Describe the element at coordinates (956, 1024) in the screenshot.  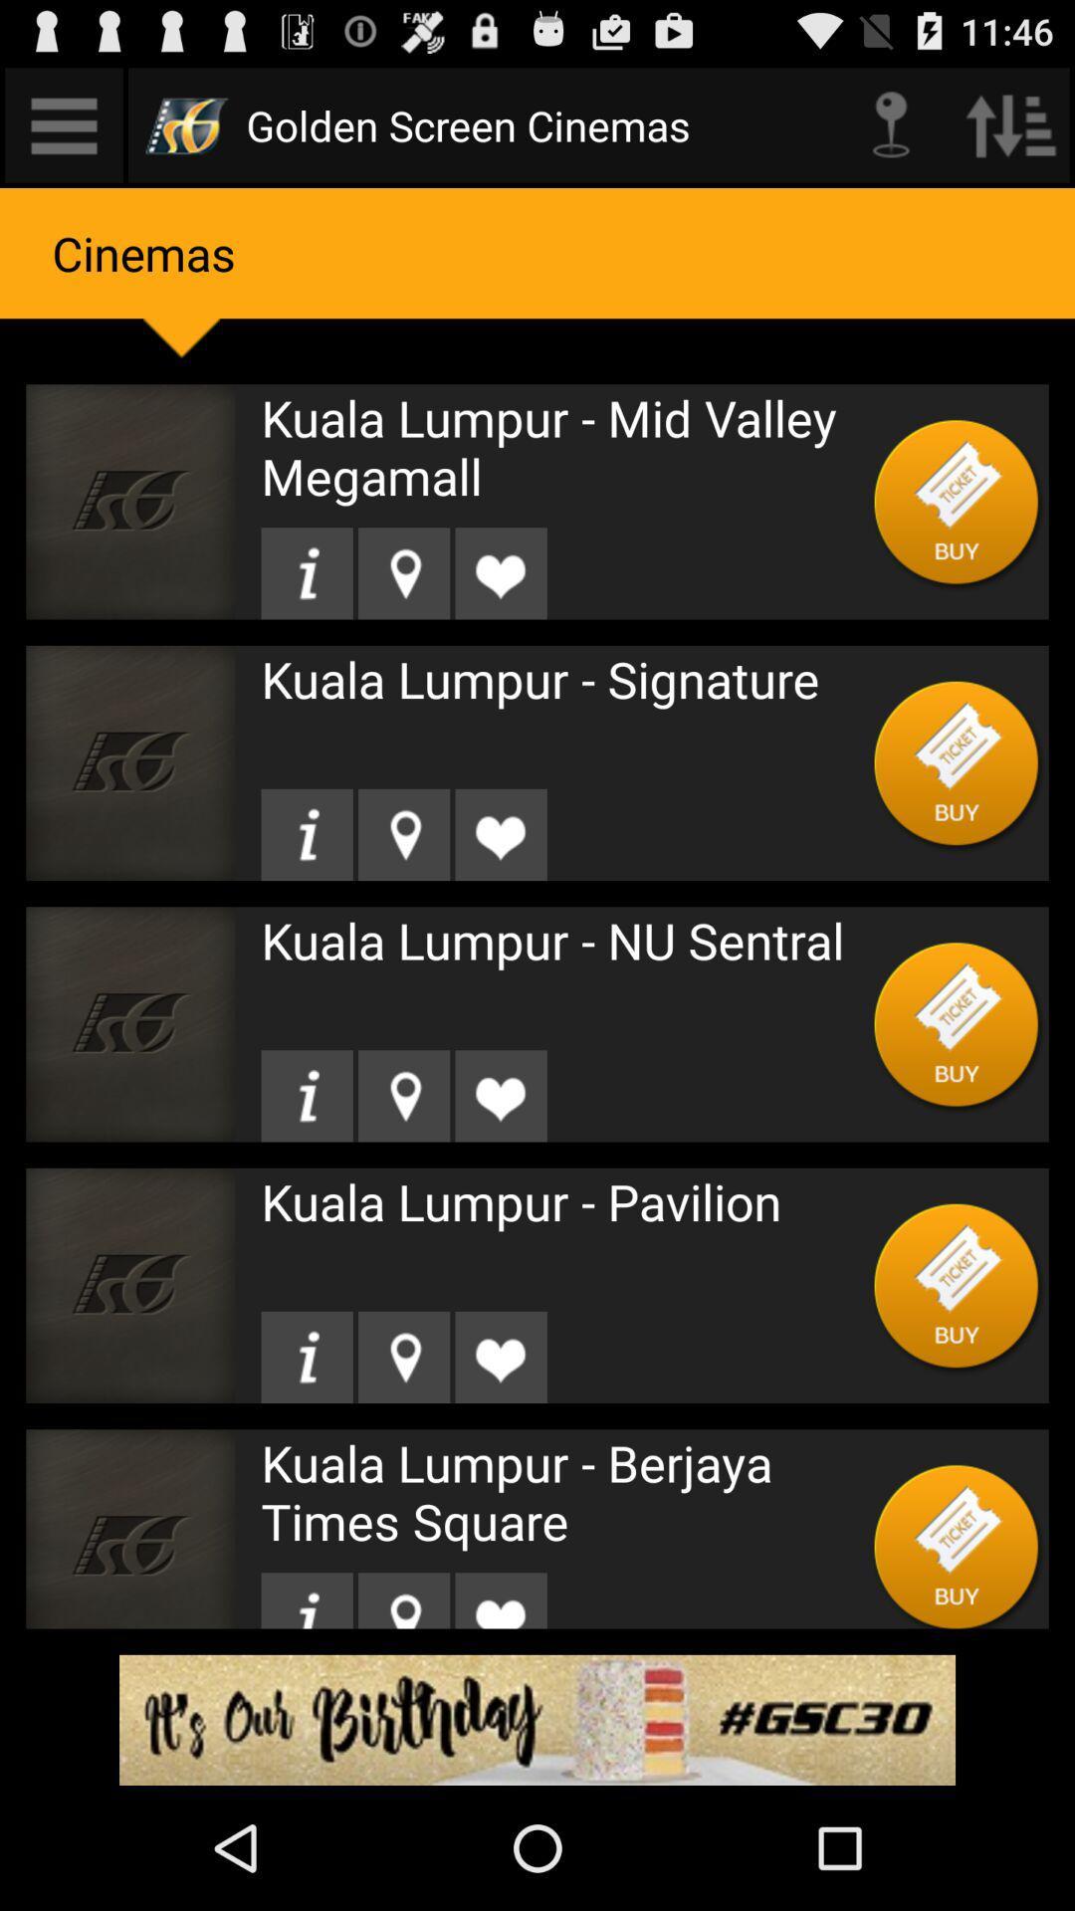
I see `purchase` at that location.